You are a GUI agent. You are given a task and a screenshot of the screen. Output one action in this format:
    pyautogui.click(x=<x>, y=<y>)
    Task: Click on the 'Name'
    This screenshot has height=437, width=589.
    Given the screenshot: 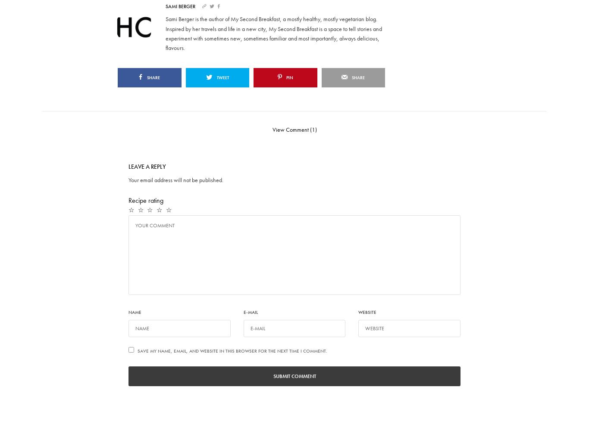 What is the action you would take?
    pyautogui.click(x=135, y=311)
    